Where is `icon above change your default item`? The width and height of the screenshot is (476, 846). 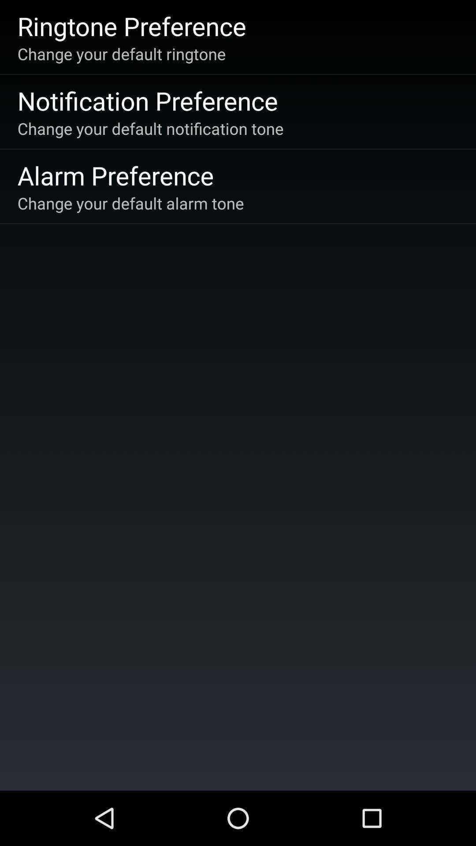 icon above change your default item is located at coordinates (115, 175).